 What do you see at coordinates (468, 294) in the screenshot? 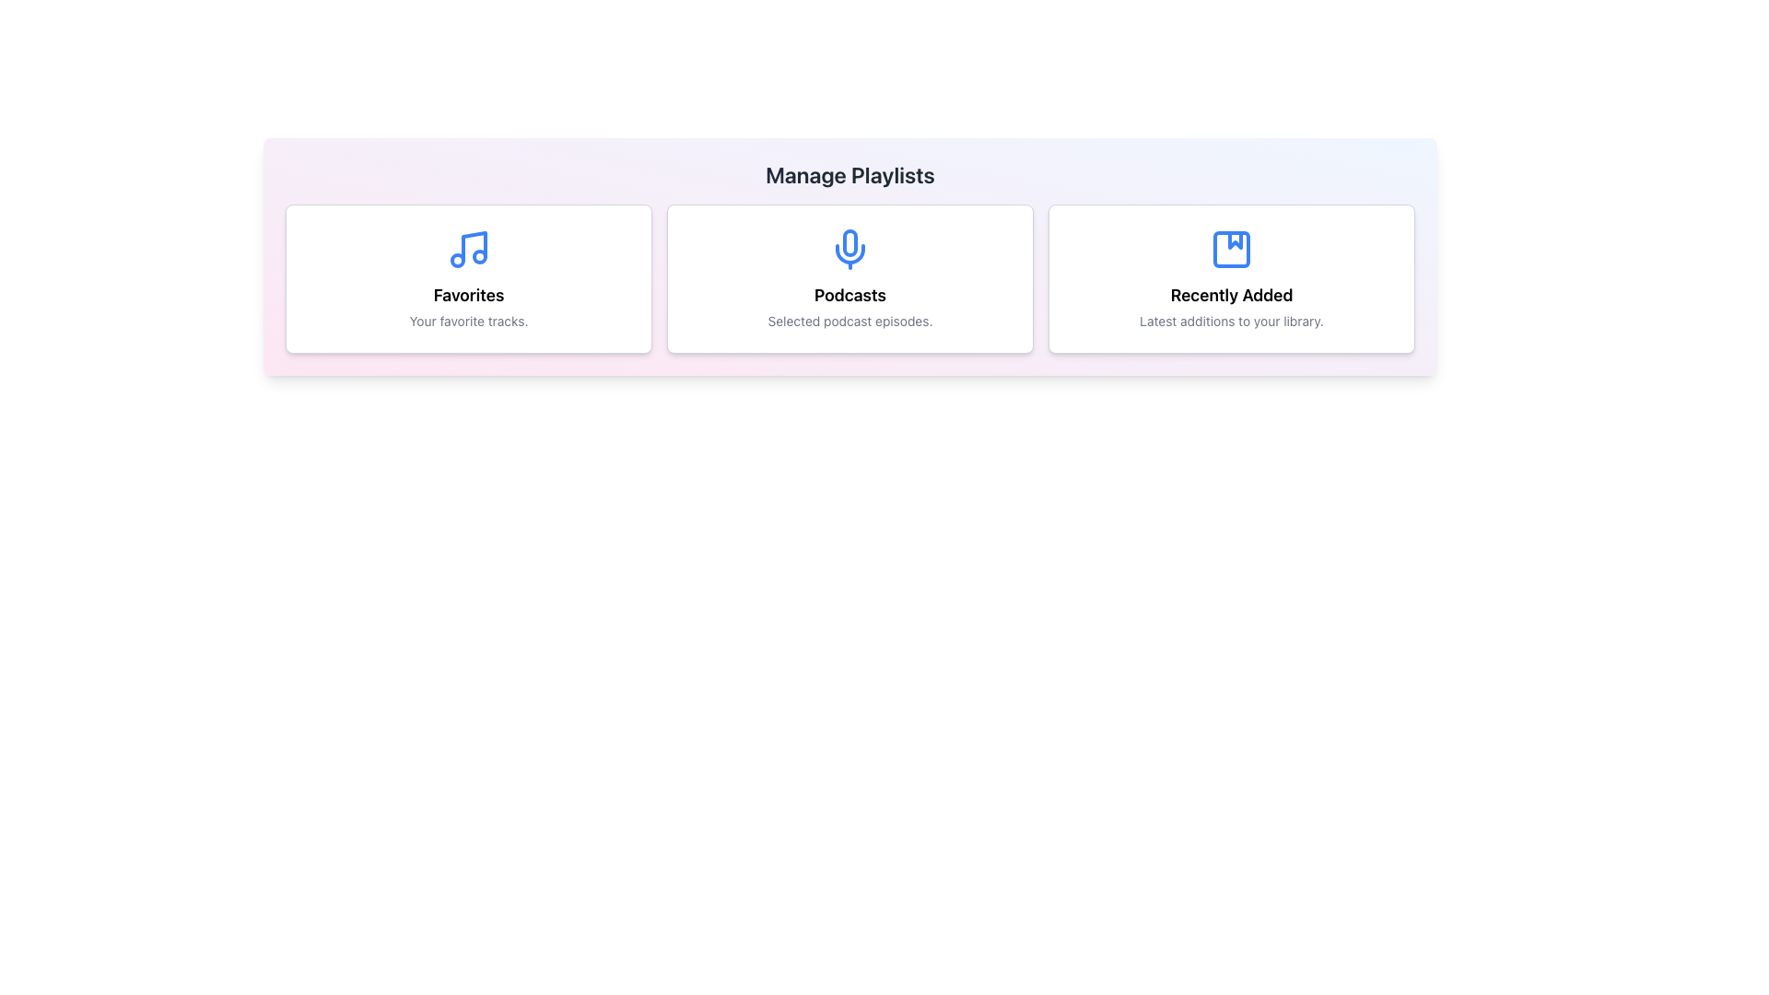
I see `information from the text label that reads 'Favorites', which is styled in bold and slightly larger text, positioned under a musical note icon within a rectangular card` at bounding box center [468, 294].